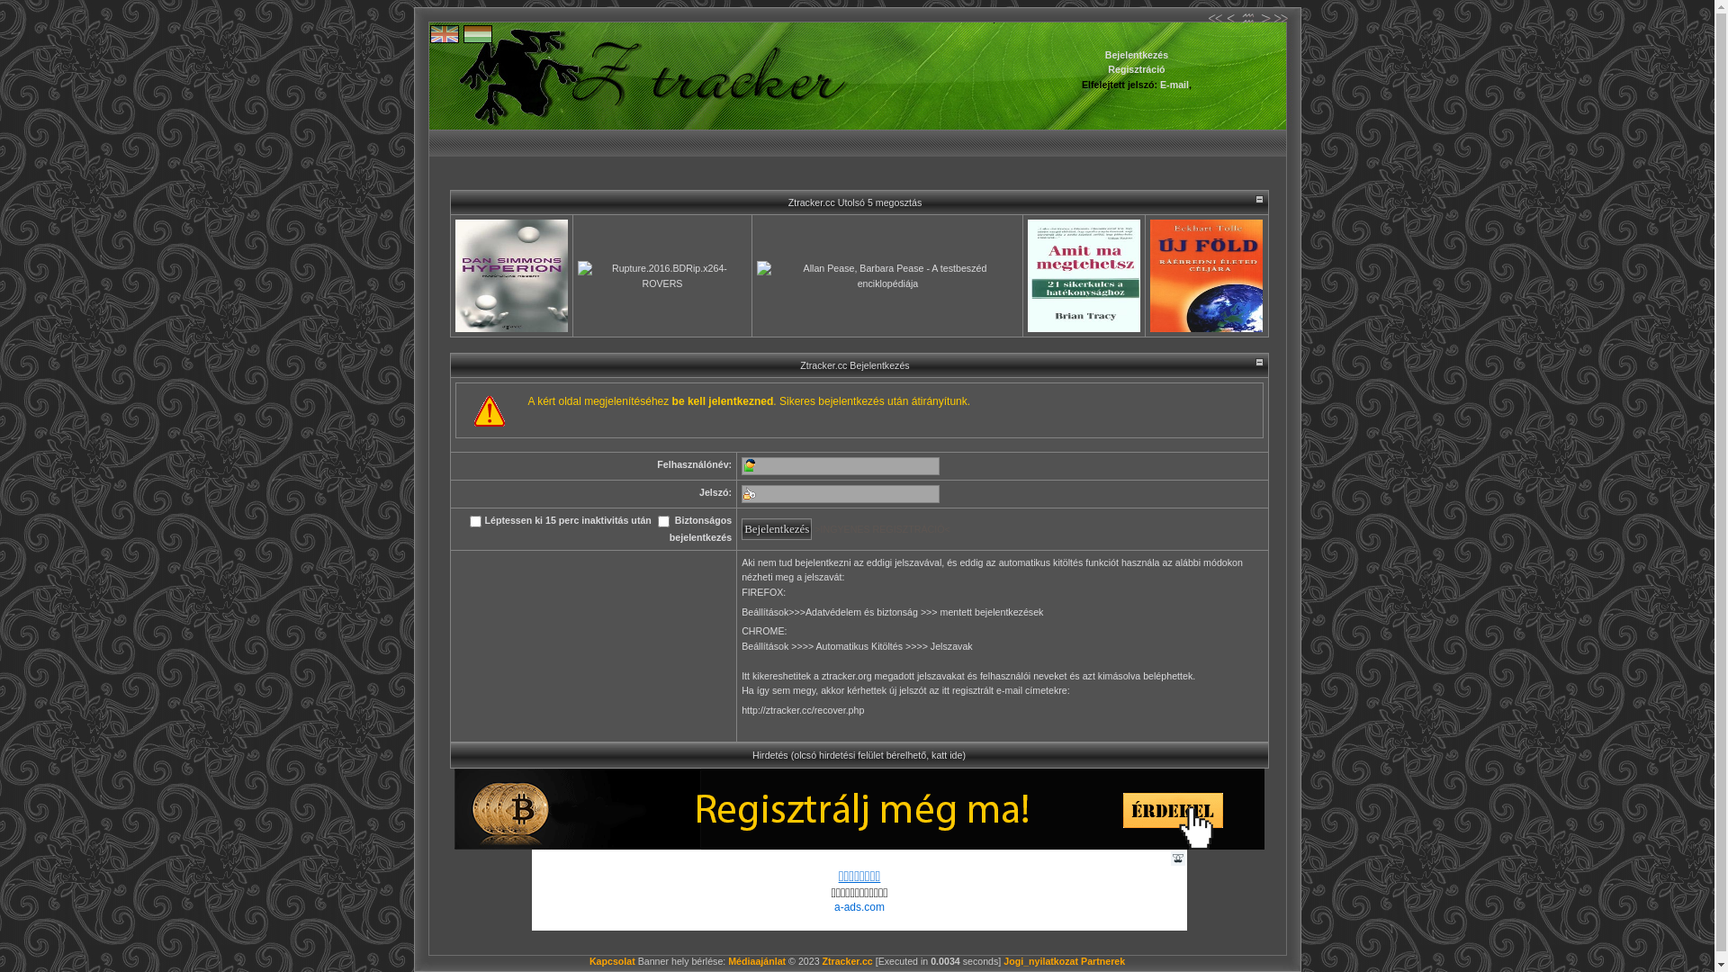 Image resolution: width=1728 pixels, height=972 pixels. What do you see at coordinates (802, 716) in the screenshot?
I see `'http://ztracker.cc/recover.php'` at bounding box center [802, 716].